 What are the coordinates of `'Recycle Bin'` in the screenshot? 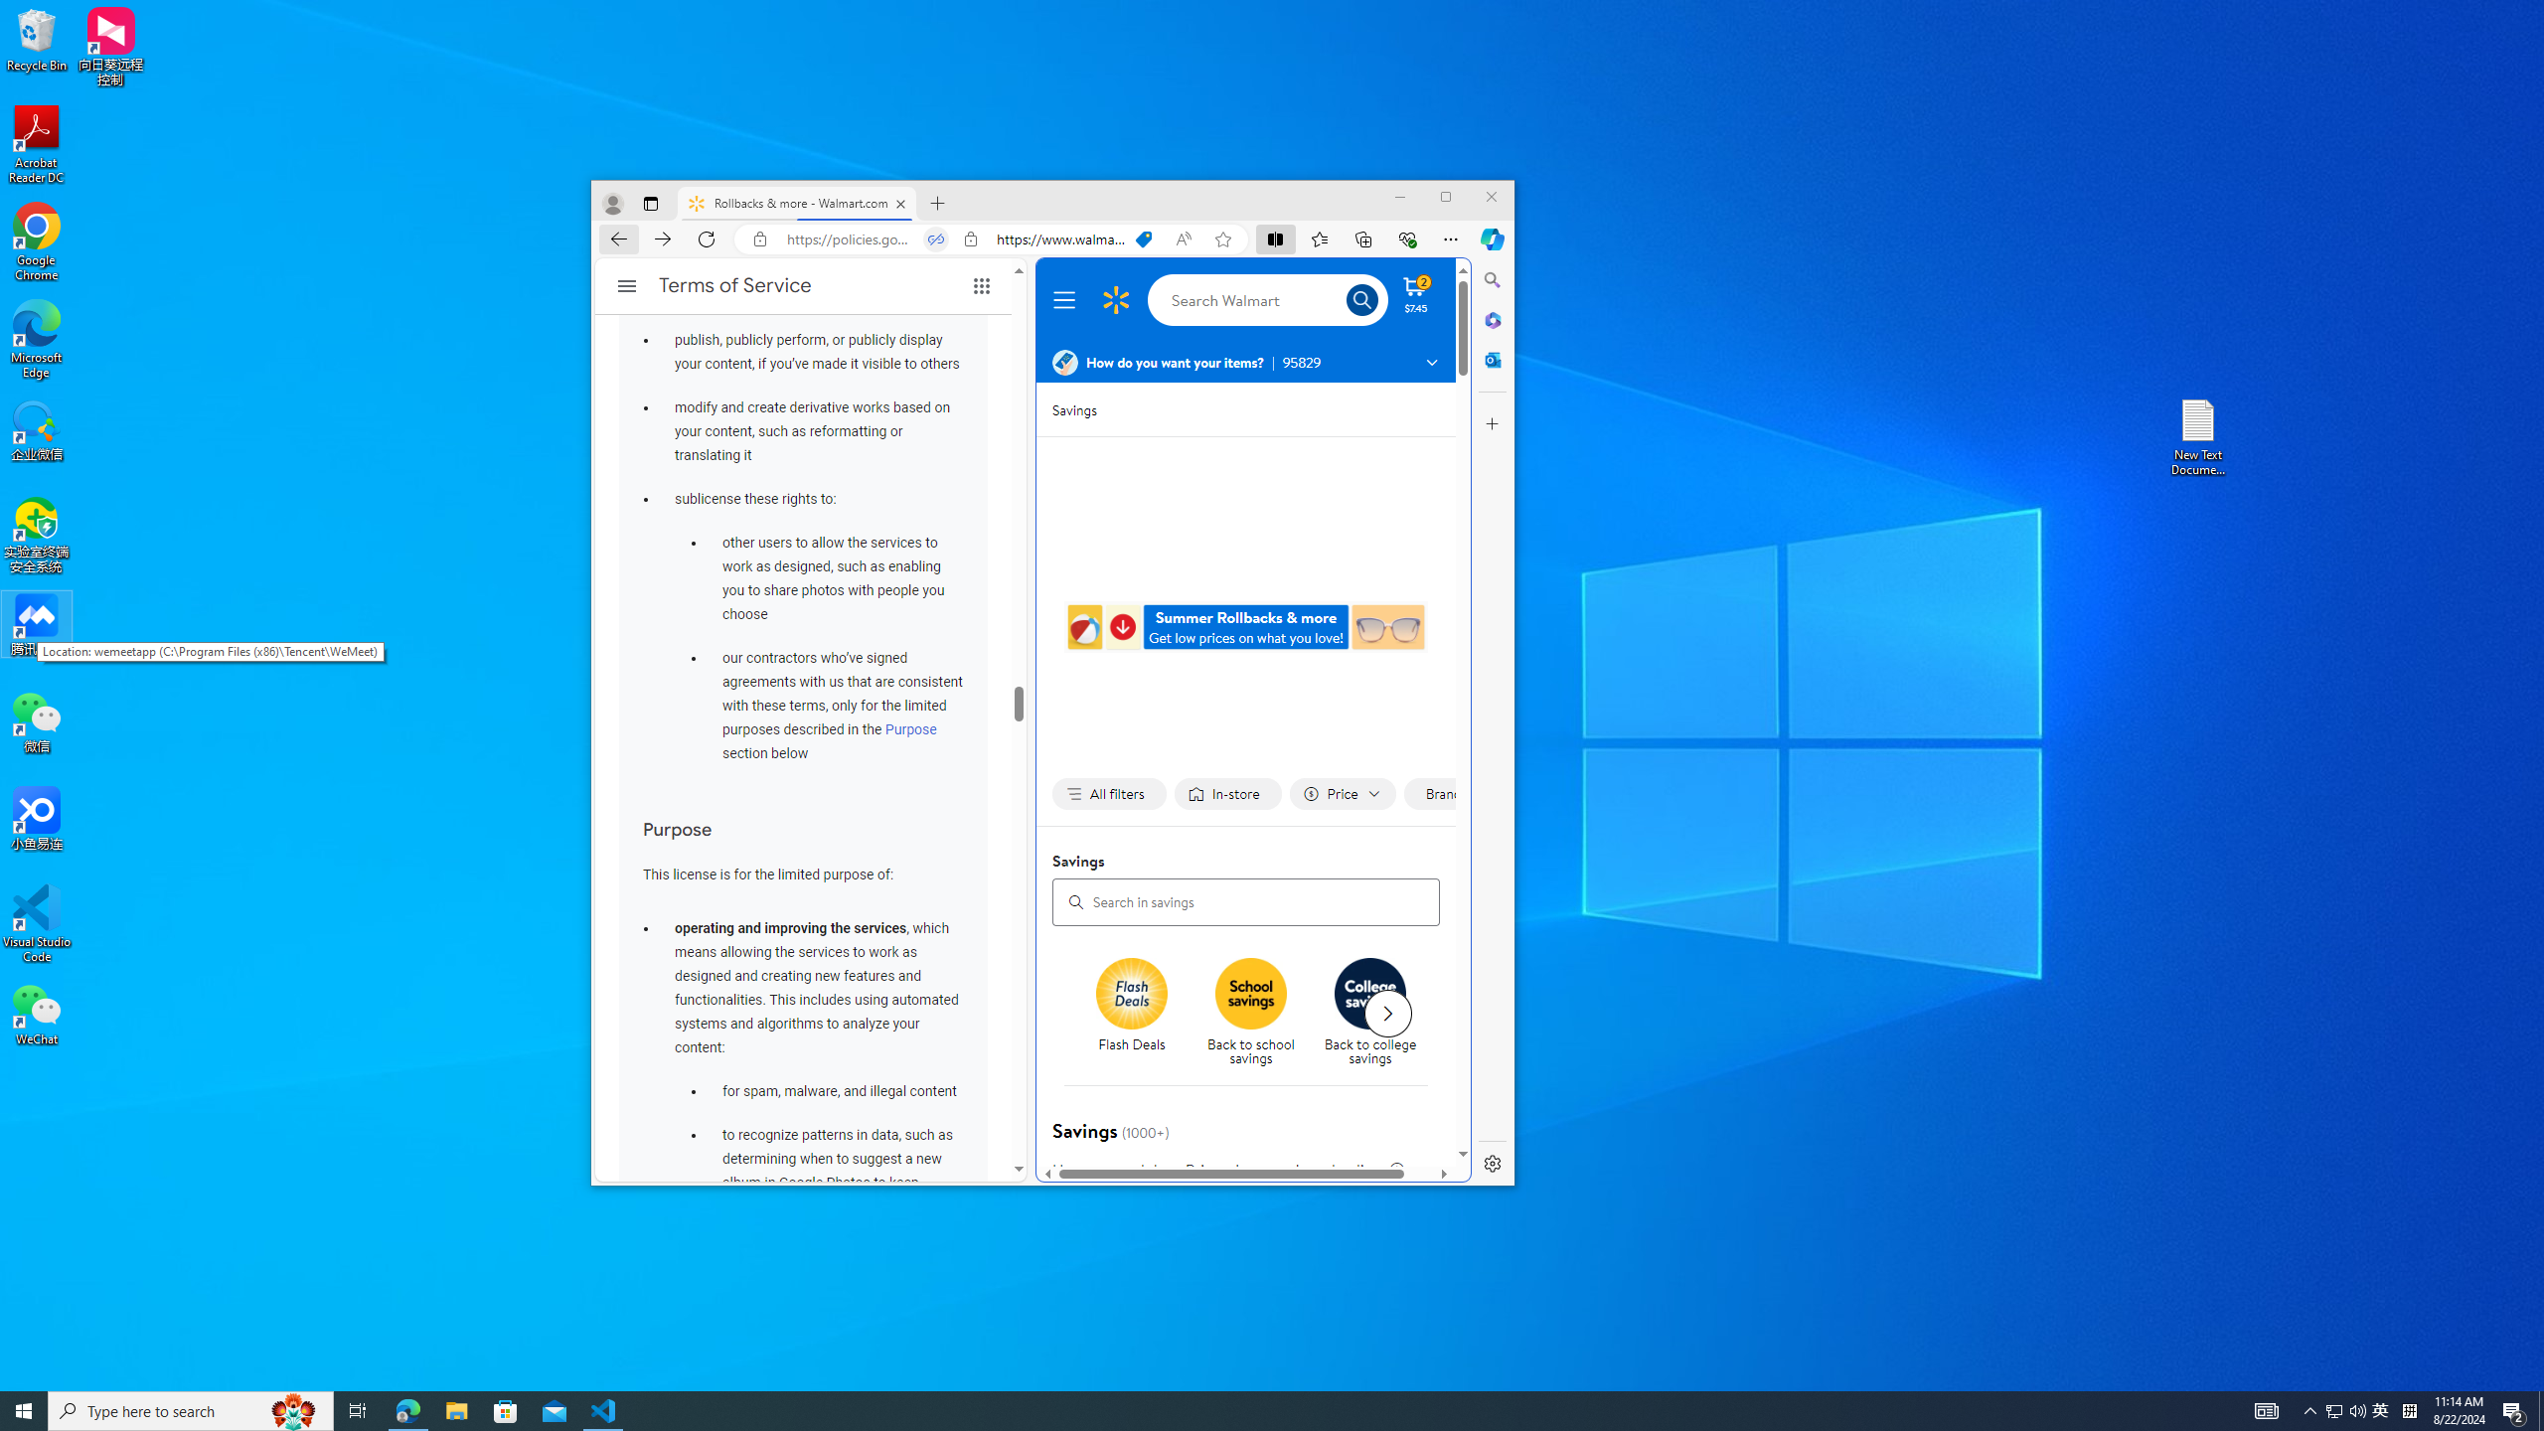 It's located at (36, 38).